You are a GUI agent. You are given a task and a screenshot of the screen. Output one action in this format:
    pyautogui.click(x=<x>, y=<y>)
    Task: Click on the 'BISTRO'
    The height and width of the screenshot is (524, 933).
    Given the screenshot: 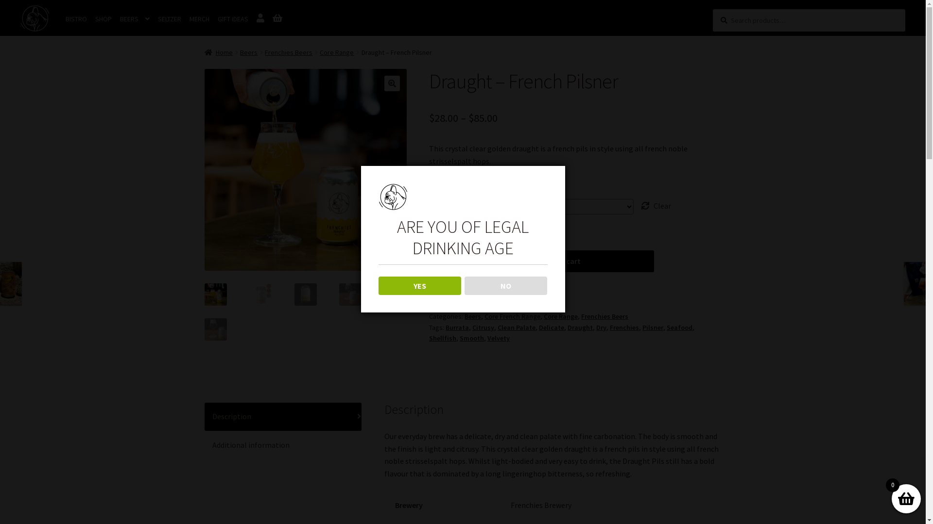 What is the action you would take?
    pyautogui.click(x=76, y=19)
    